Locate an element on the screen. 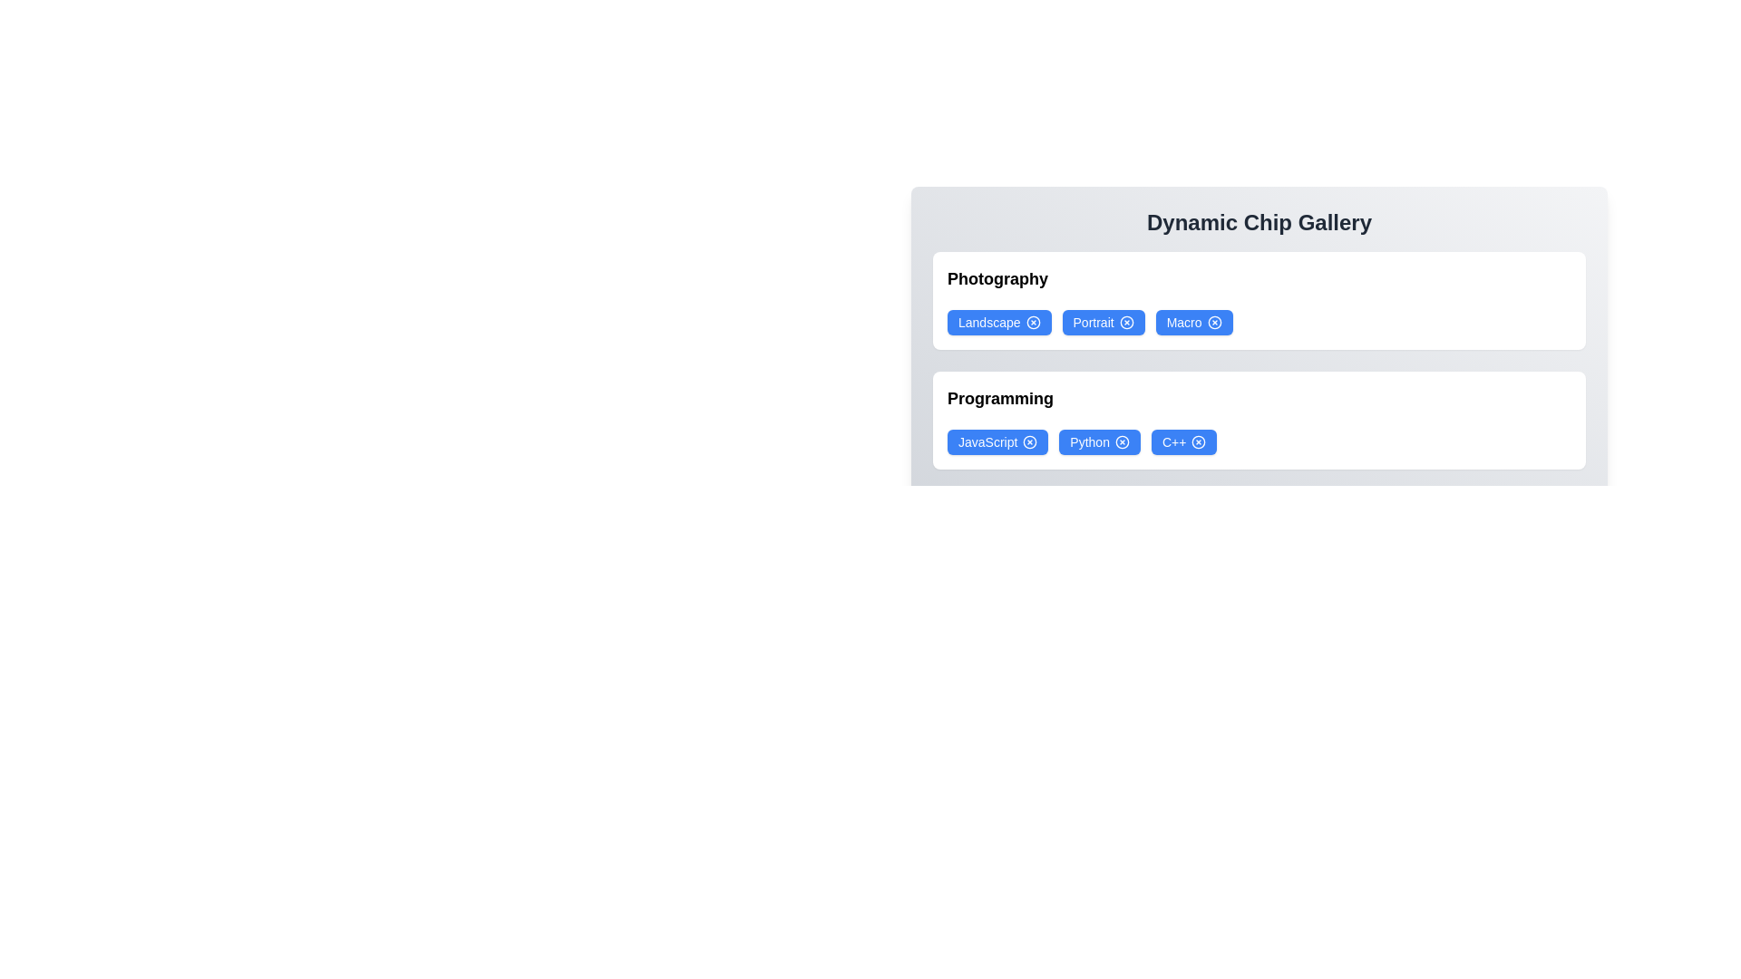  the chip labeled Macro to select it is located at coordinates (1193, 321).